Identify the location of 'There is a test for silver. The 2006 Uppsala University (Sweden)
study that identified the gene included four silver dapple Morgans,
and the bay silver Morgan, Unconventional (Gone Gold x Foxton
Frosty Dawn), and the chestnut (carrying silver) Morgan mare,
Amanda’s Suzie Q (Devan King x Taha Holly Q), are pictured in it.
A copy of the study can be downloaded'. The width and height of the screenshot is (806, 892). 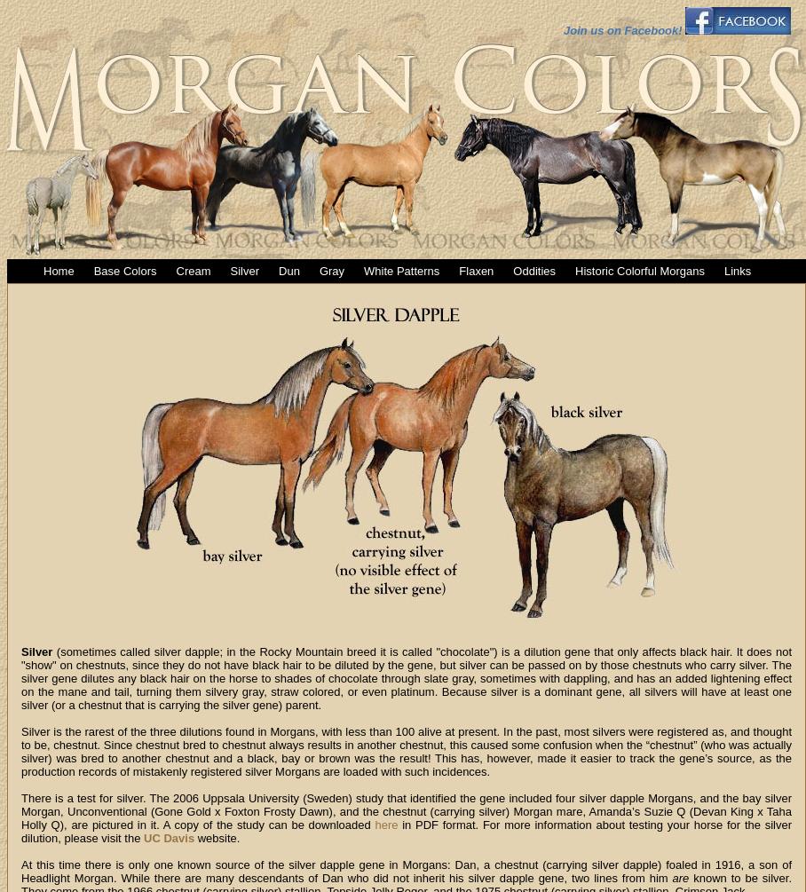
(405, 810).